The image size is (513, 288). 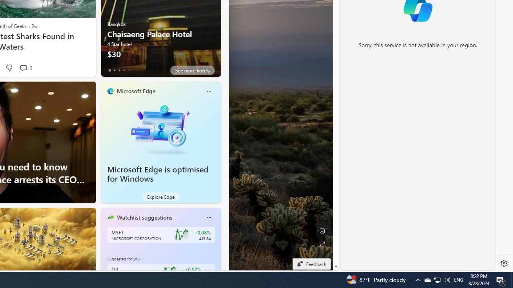 I want to click on 'tab-0', so click(x=109, y=70).